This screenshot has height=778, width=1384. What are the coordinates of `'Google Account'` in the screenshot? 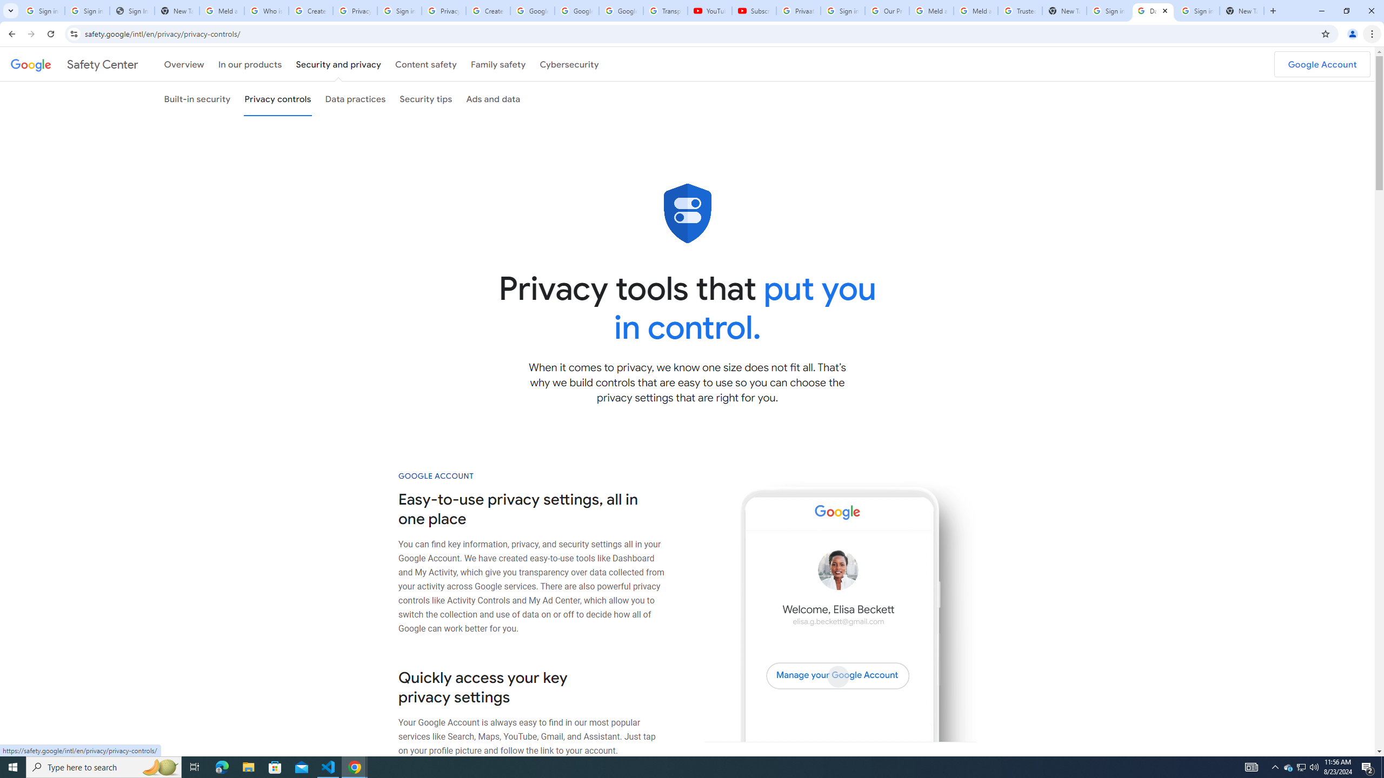 It's located at (1322, 64).